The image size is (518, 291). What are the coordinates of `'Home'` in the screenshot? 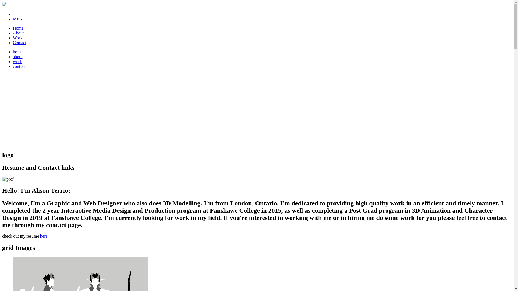 It's located at (18, 28).